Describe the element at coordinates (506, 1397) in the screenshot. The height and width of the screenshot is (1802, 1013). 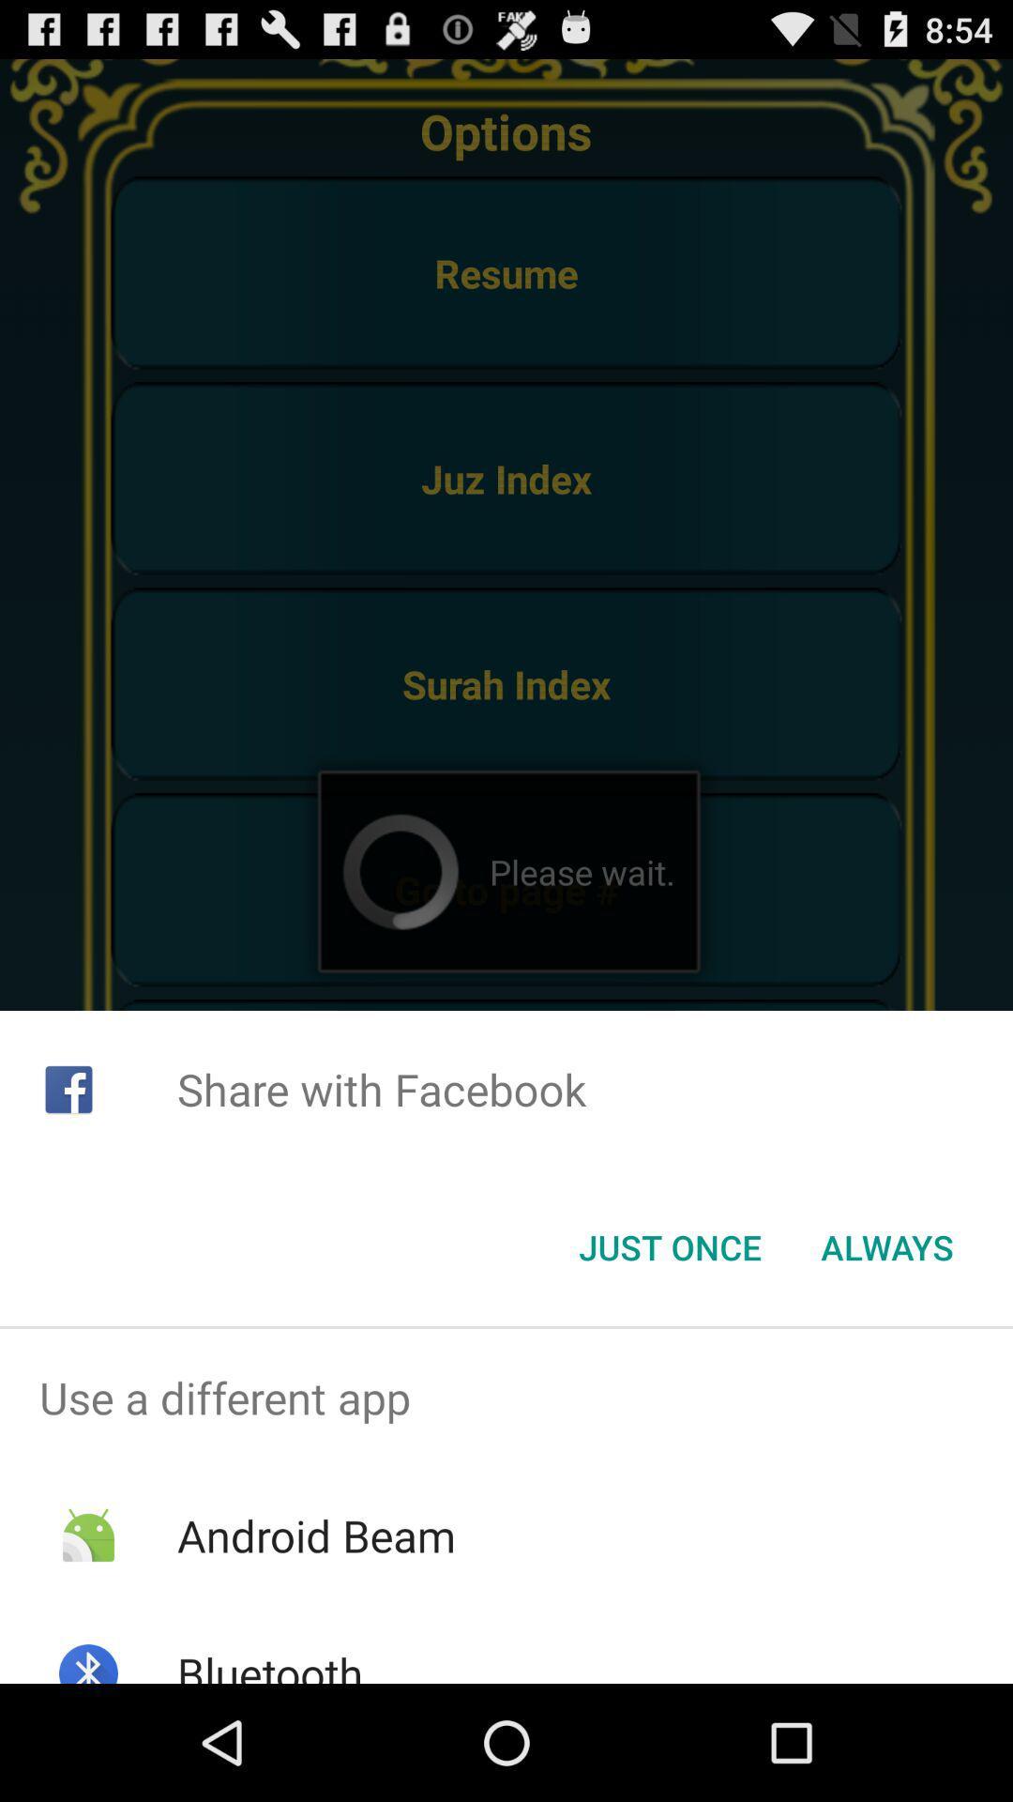
I see `the item above android beam item` at that location.